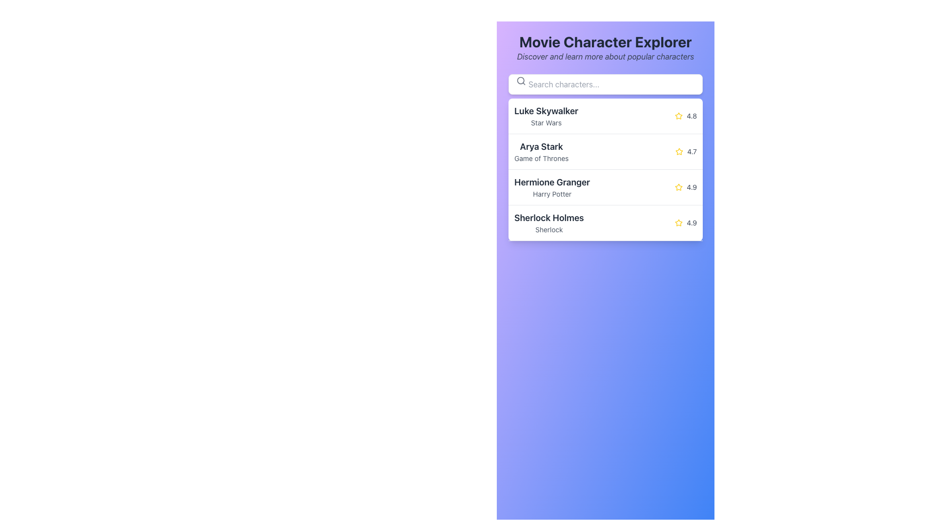 This screenshot has width=937, height=527. Describe the element at coordinates (549, 218) in the screenshot. I see `the bolded title text of the fourth entry identifying the character 'Sherlock Holmes' in the list` at that location.